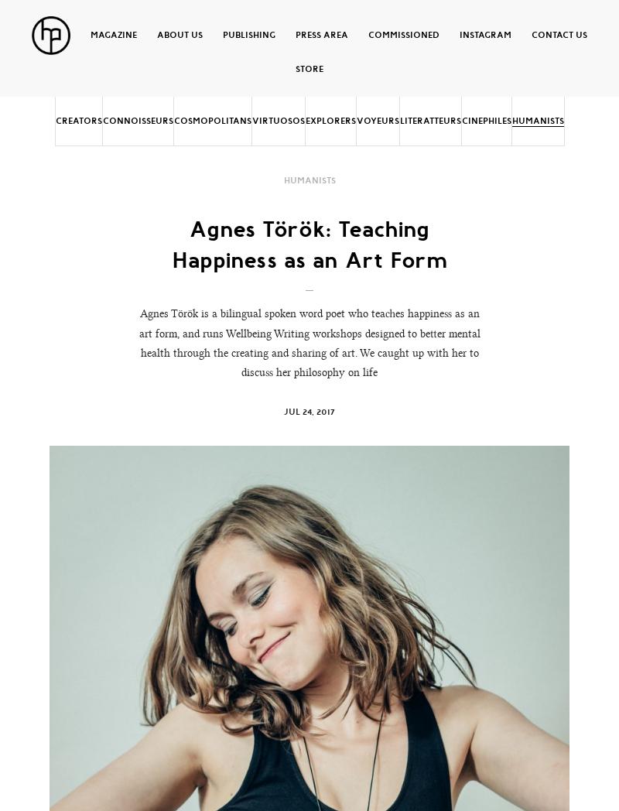 This screenshot has height=811, width=619. Describe the element at coordinates (248, 33) in the screenshot. I see `'Publishing'` at that location.